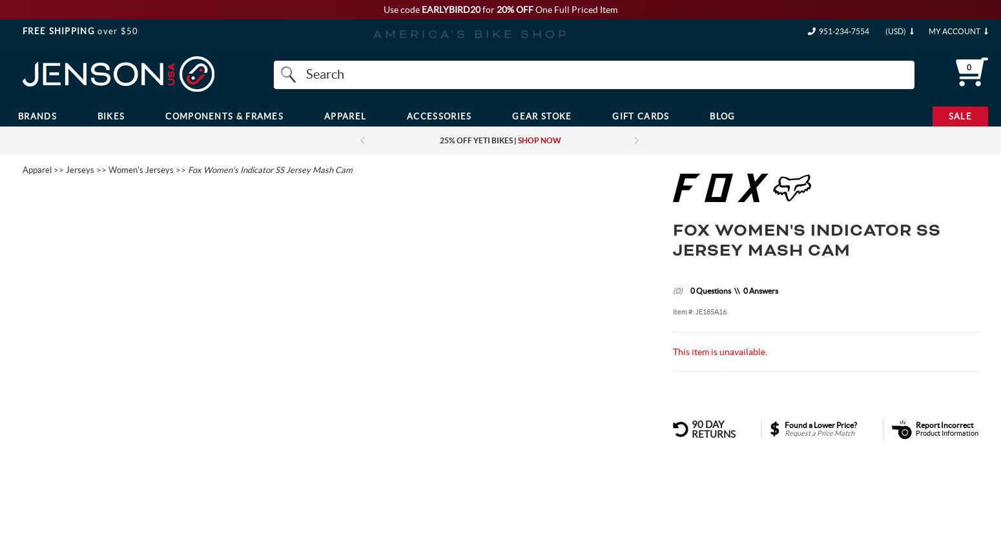 The height and width of the screenshot is (552, 1001). I want to click on 'Report Incorrect', so click(943, 424).